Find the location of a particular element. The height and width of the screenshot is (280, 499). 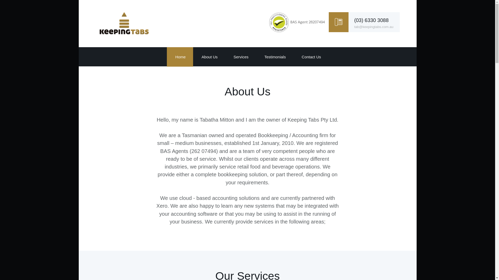

'About Us' is located at coordinates (209, 57).